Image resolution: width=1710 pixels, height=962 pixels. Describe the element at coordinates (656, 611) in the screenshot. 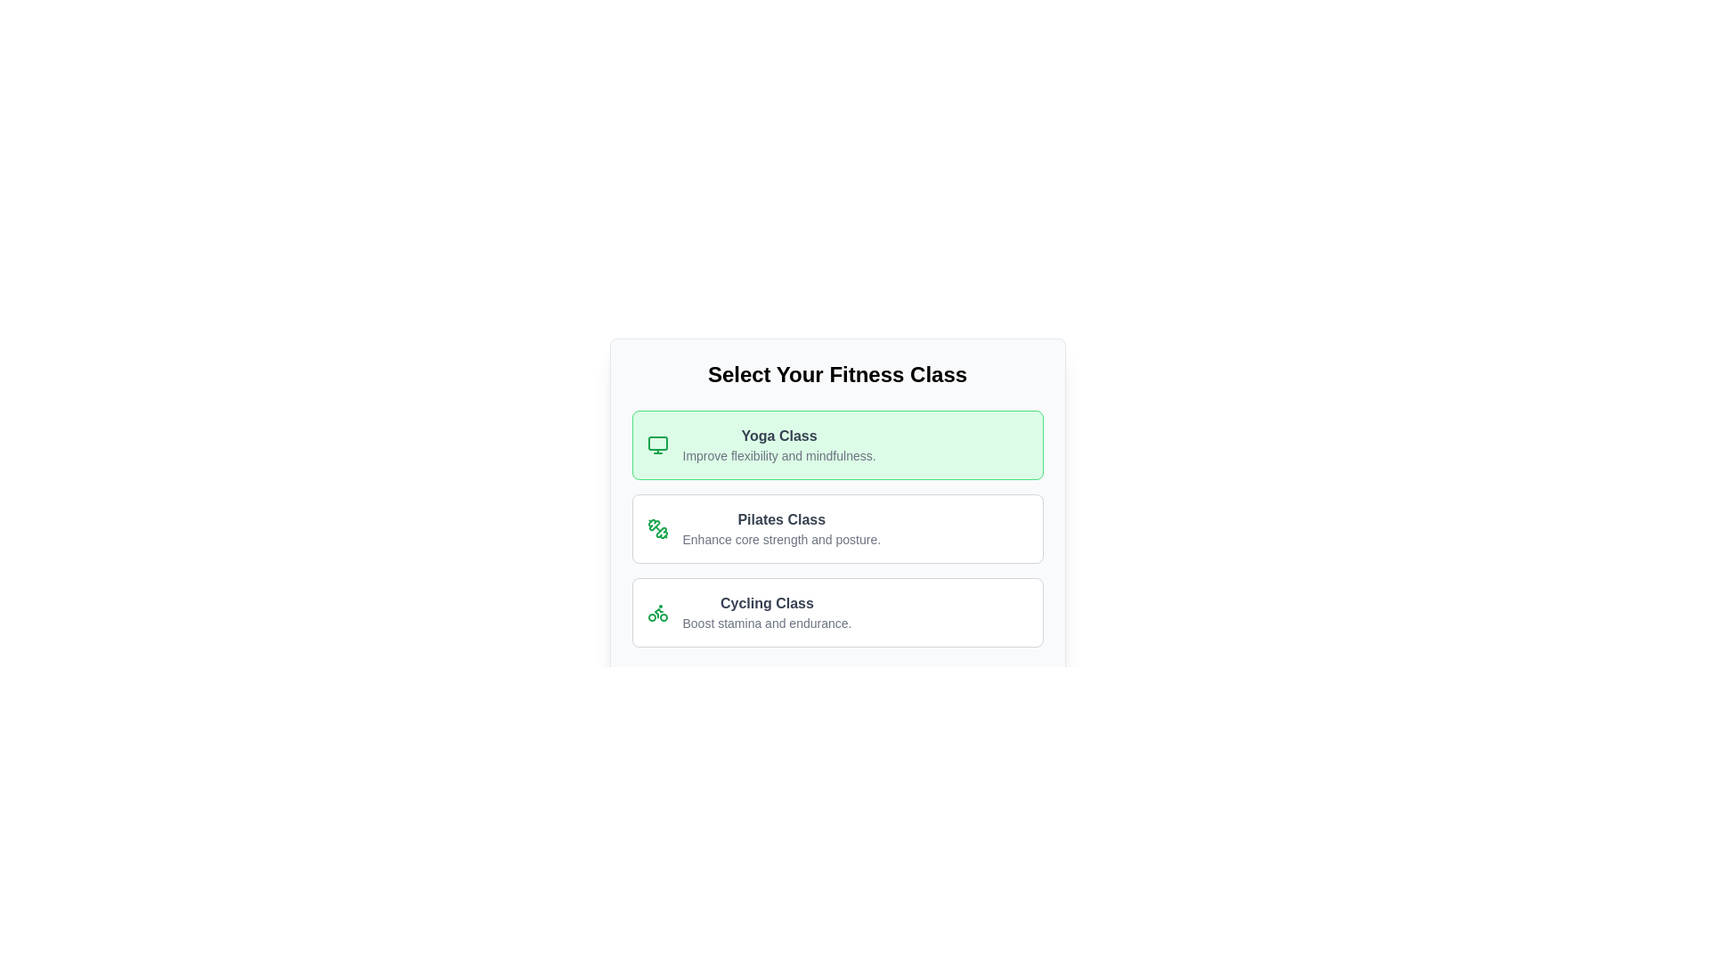

I see `the green bicycle icon located next to the text 'Cycling Class', which serves as a decorative element for the class name` at that location.